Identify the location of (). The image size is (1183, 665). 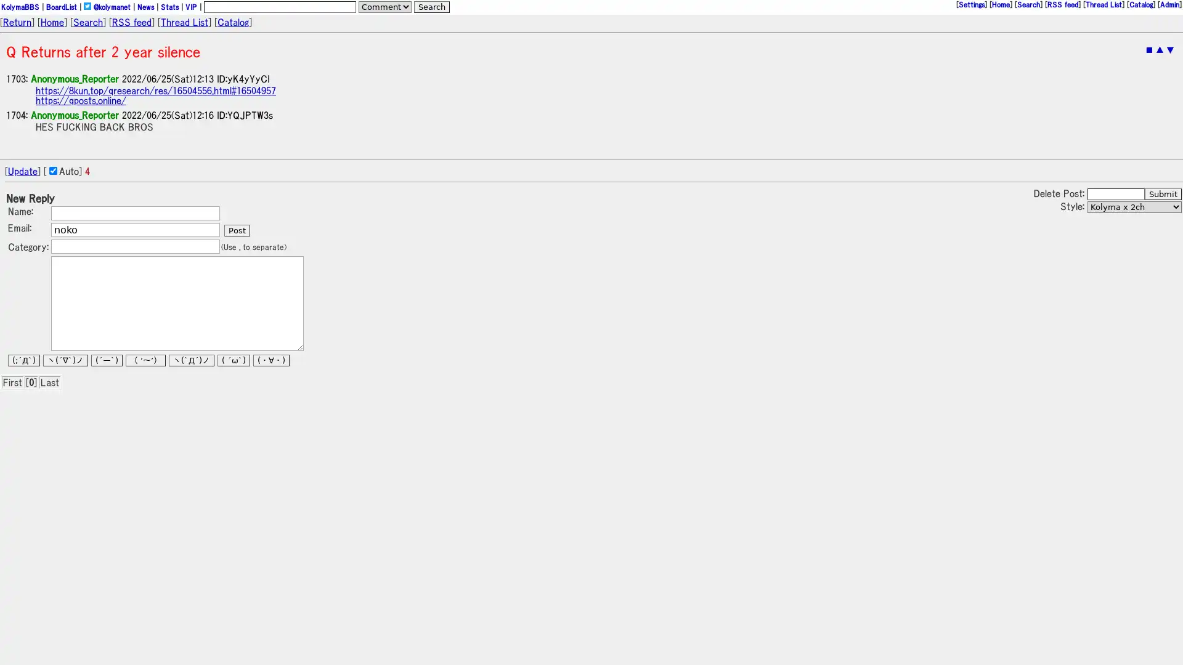
(270, 360).